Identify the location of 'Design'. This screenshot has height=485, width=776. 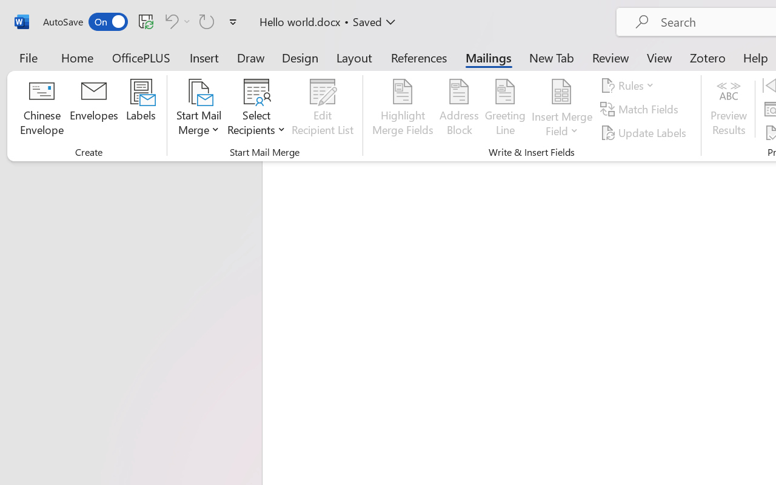
(300, 57).